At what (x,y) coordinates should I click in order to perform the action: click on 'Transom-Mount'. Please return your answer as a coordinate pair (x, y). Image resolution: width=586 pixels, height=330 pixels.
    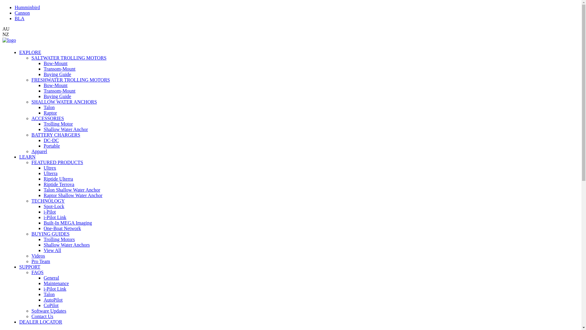
    Looking at the image, I should click on (60, 69).